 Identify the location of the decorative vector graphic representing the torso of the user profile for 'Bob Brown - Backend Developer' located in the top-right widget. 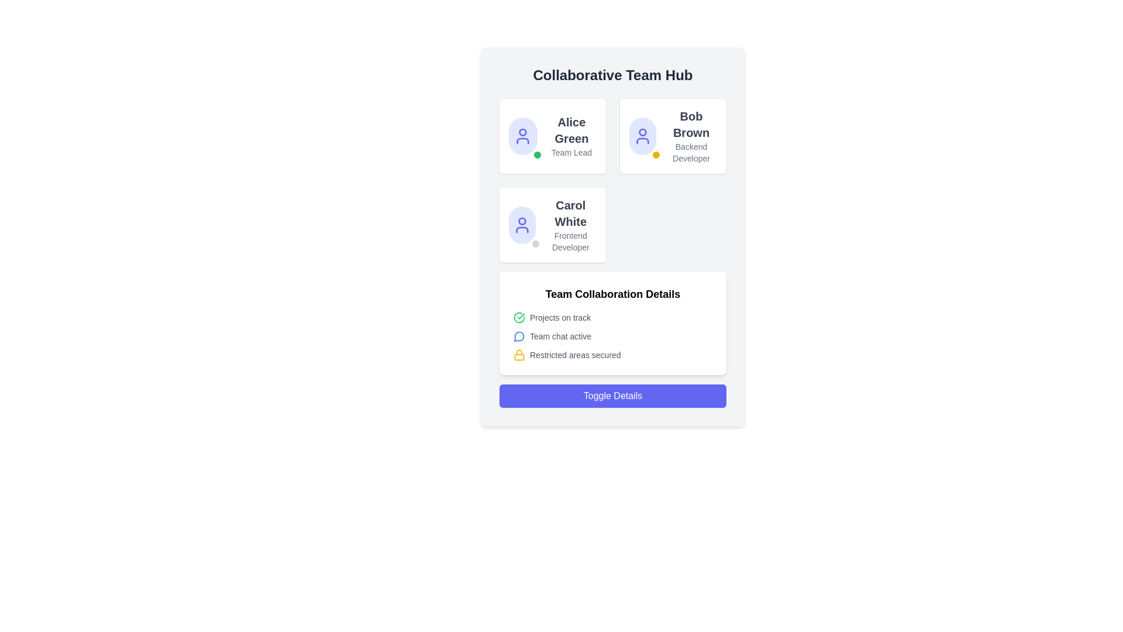
(642, 140).